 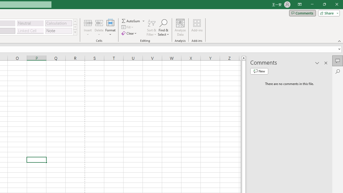 What do you see at coordinates (327, 13) in the screenshot?
I see `'Share'` at bounding box center [327, 13].